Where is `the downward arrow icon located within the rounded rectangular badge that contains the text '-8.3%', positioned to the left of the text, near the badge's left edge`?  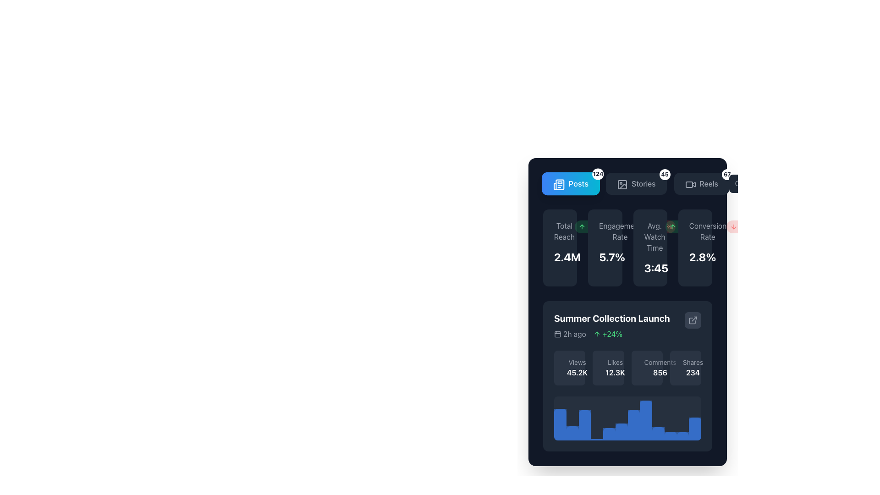 the downward arrow icon located within the rounded rectangular badge that contains the text '-8.3%', positioned to the left of the text, near the badge's left edge is located at coordinates (734, 226).